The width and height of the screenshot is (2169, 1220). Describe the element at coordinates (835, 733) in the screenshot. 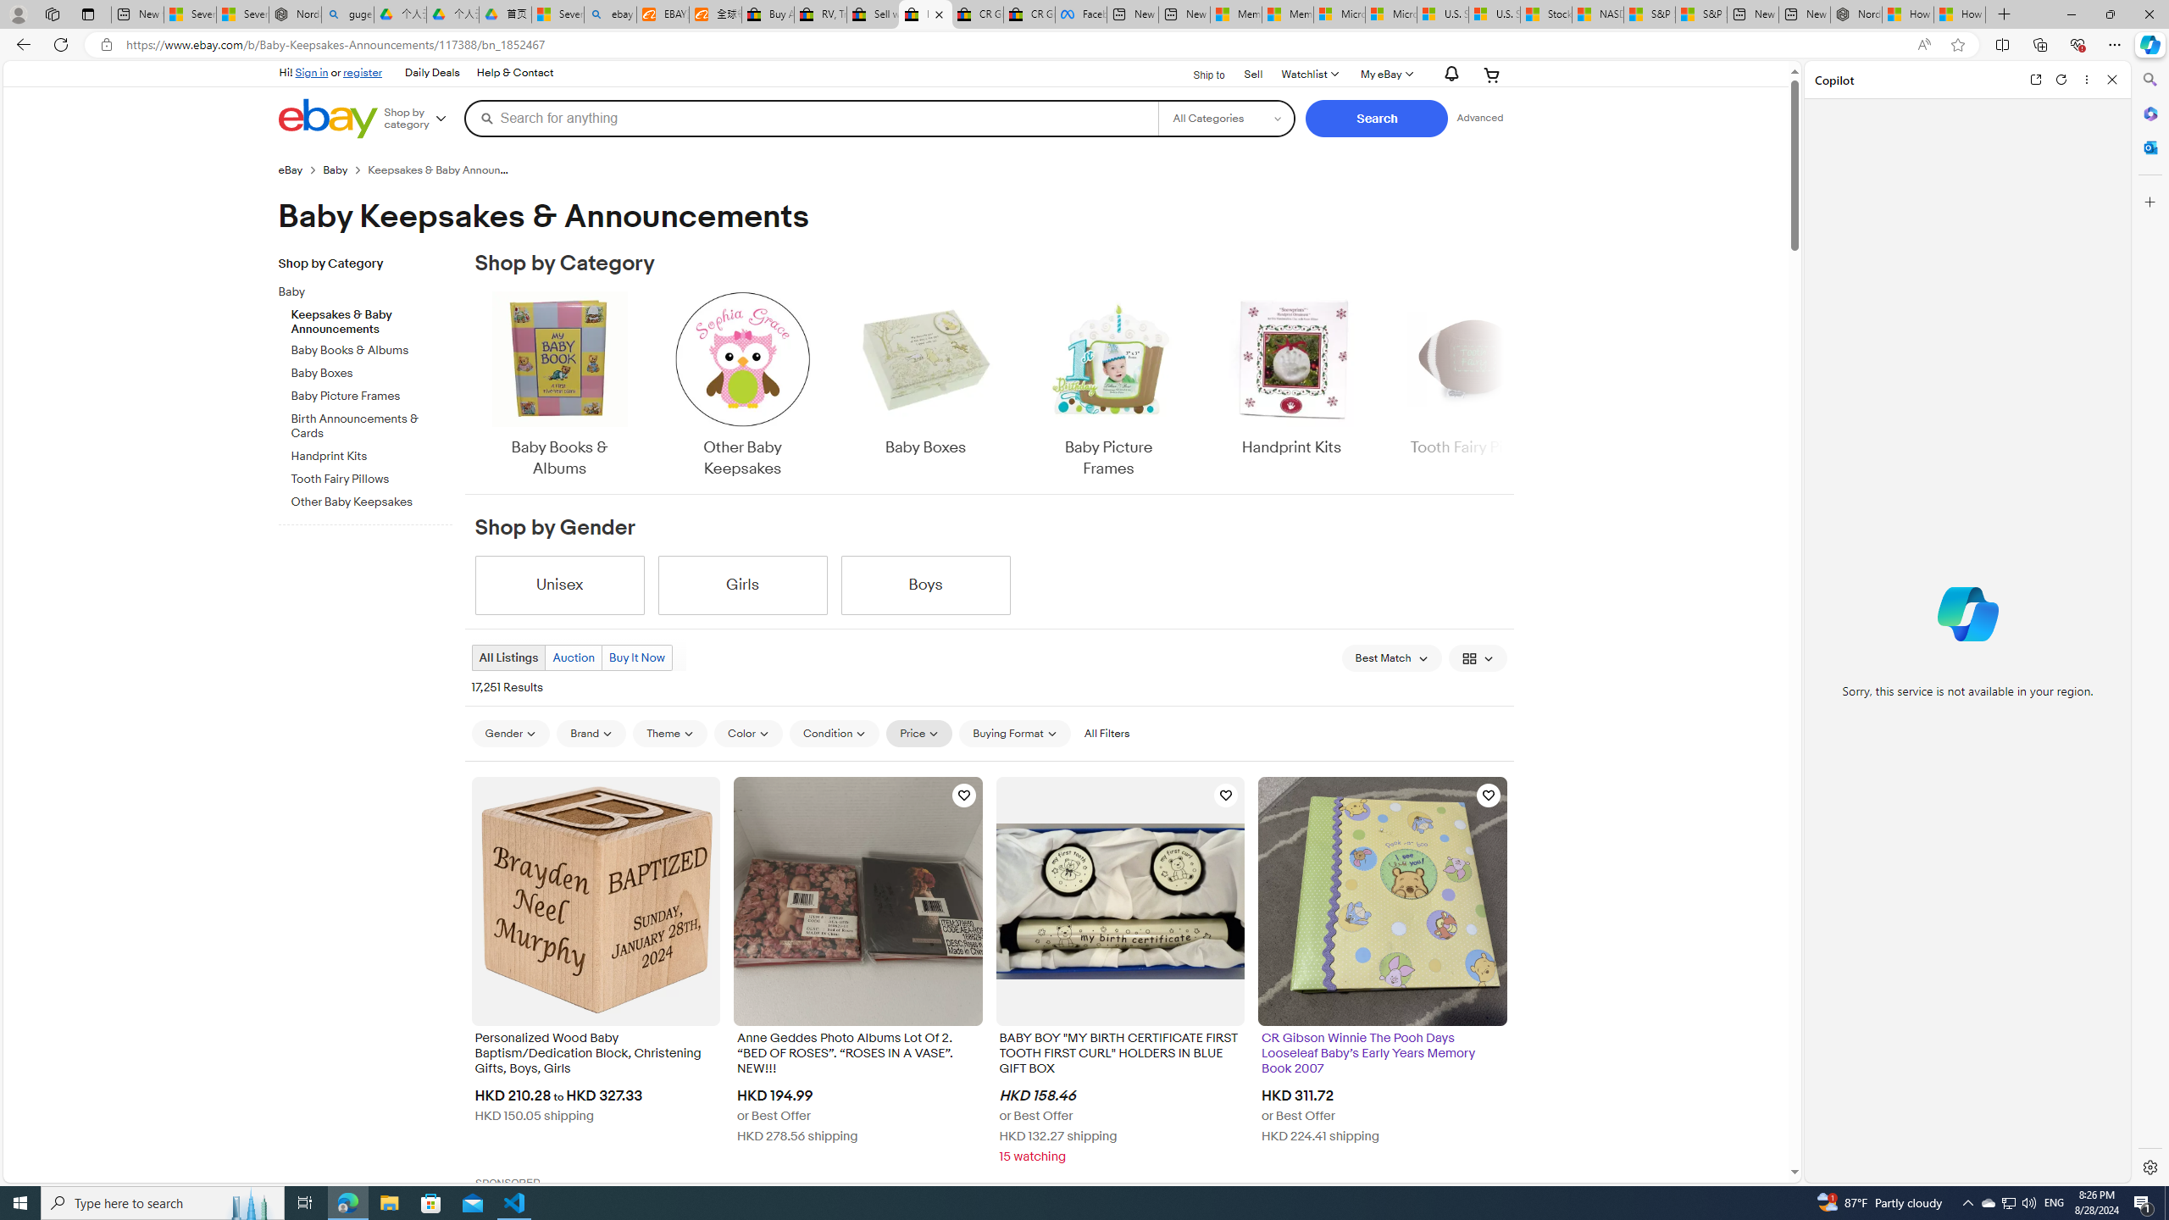

I see `'Condition'` at that location.